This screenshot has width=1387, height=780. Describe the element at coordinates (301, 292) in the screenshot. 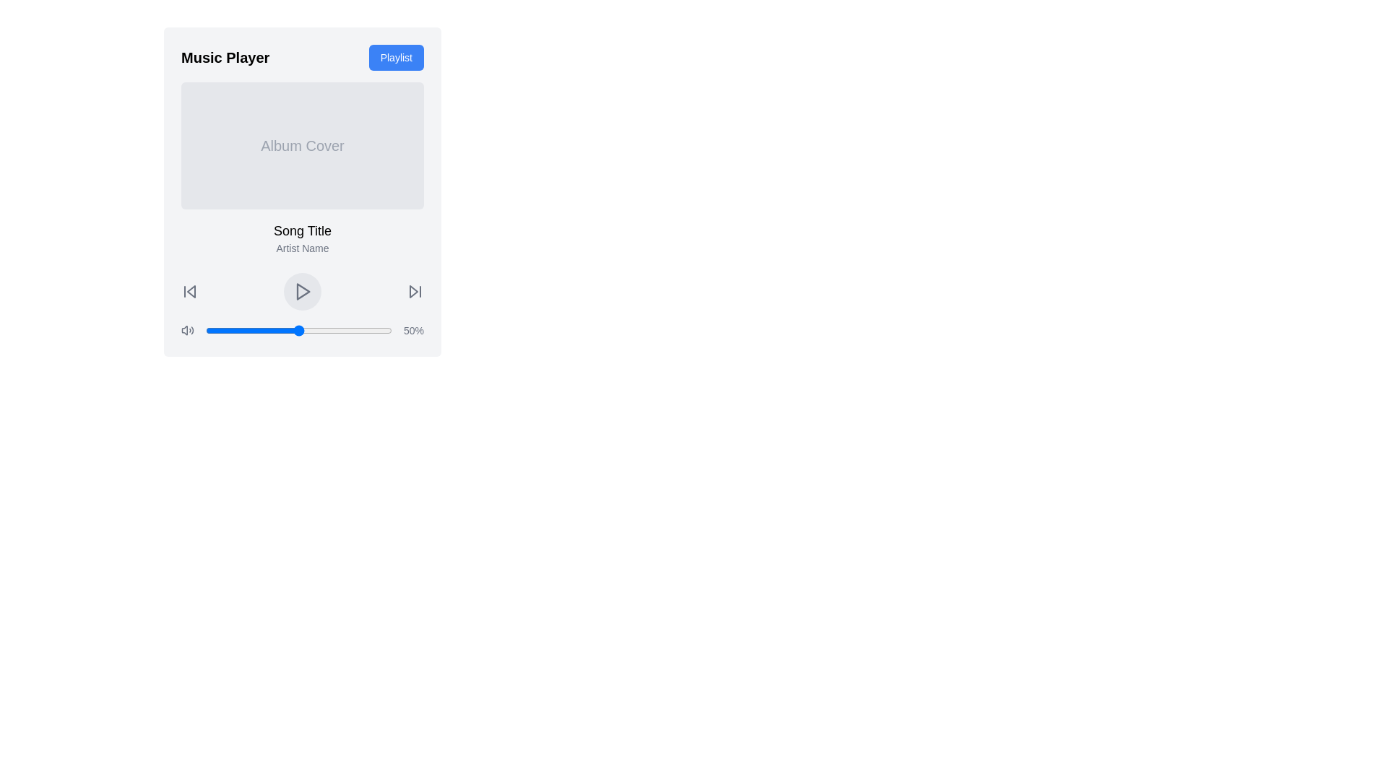

I see `the center play button on the player control bar` at that location.